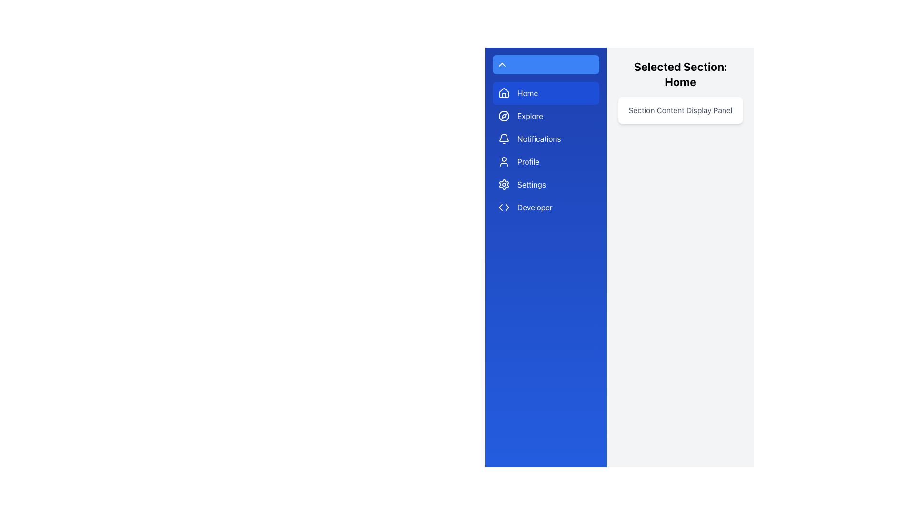  I want to click on the coding icon located in the blue sidebar near the label 'Developer', which is represented in a minimalist line style and rendered in white color, so click(504, 207).